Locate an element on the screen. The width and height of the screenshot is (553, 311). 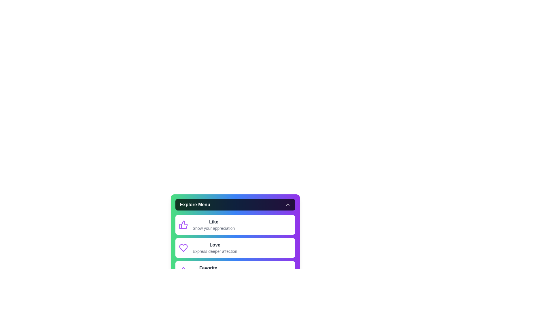
the menu option Love by clicking on it is located at coordinates (235, 247).